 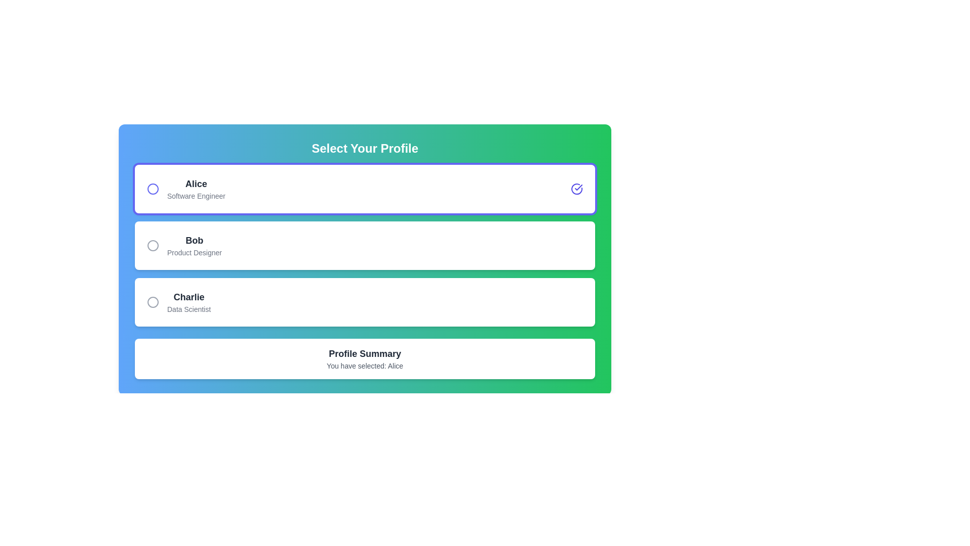 I want to click on displayed information of the profile label showing 'Charlie' and 'Data Scientist', located in the third row of the profile selection list, so click(x=189, y=301).